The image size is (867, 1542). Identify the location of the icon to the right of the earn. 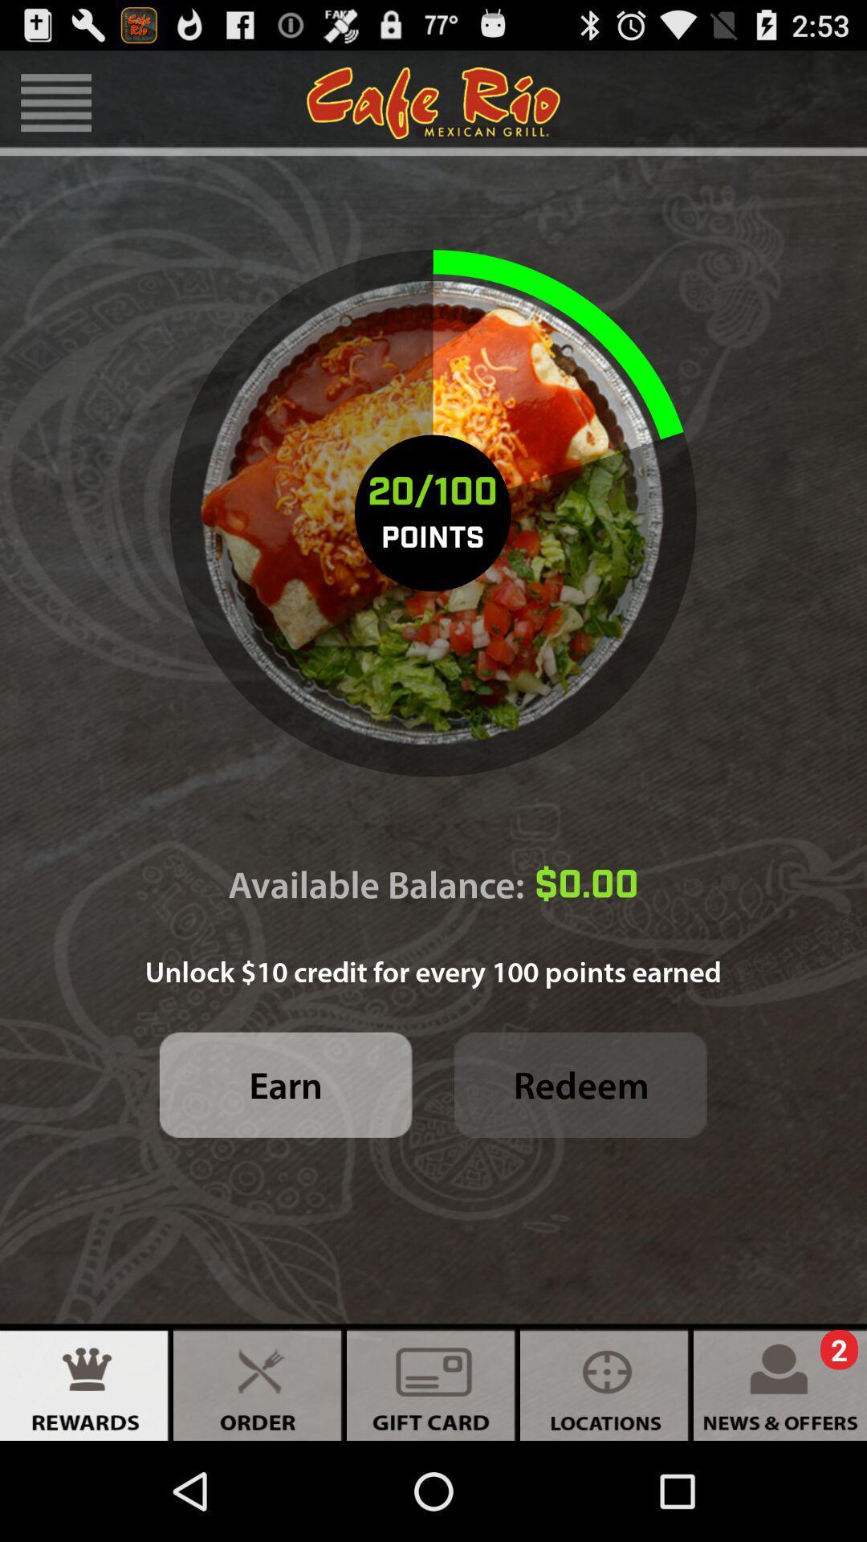
(580, 1085).